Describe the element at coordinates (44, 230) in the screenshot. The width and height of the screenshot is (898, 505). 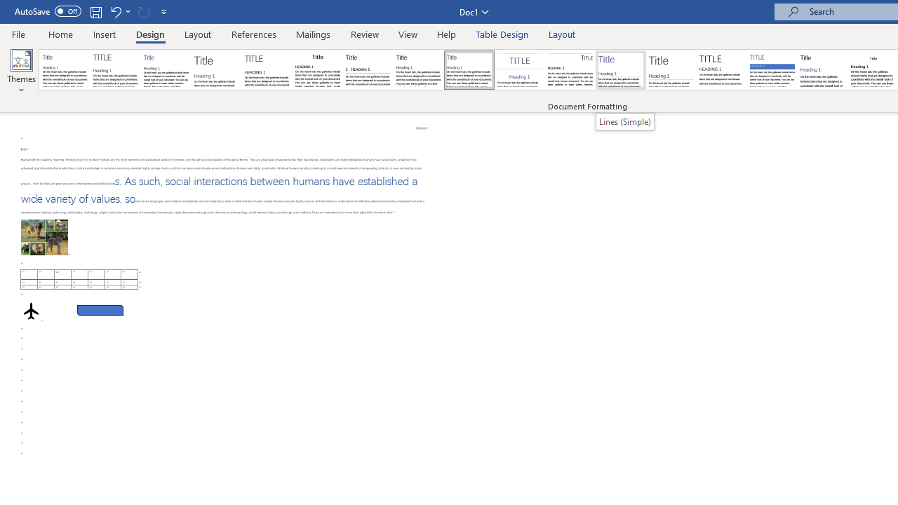
I see `'Morphological variation in six dogs'` at that location.